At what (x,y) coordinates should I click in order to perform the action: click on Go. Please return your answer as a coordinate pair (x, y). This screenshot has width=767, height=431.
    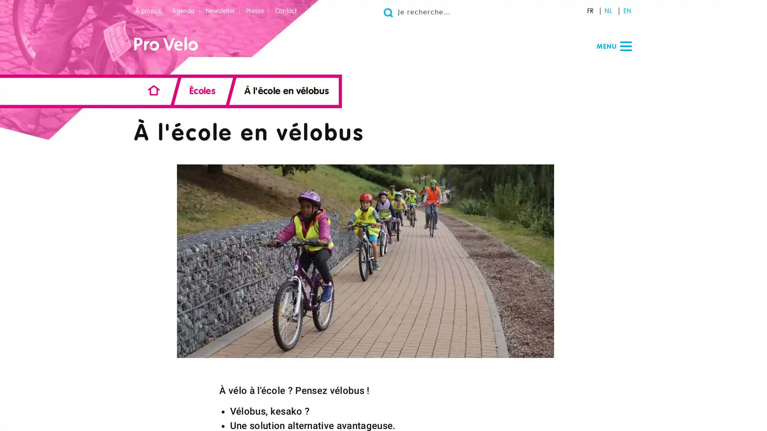
    Looking at the image, I should click on (388, 12).